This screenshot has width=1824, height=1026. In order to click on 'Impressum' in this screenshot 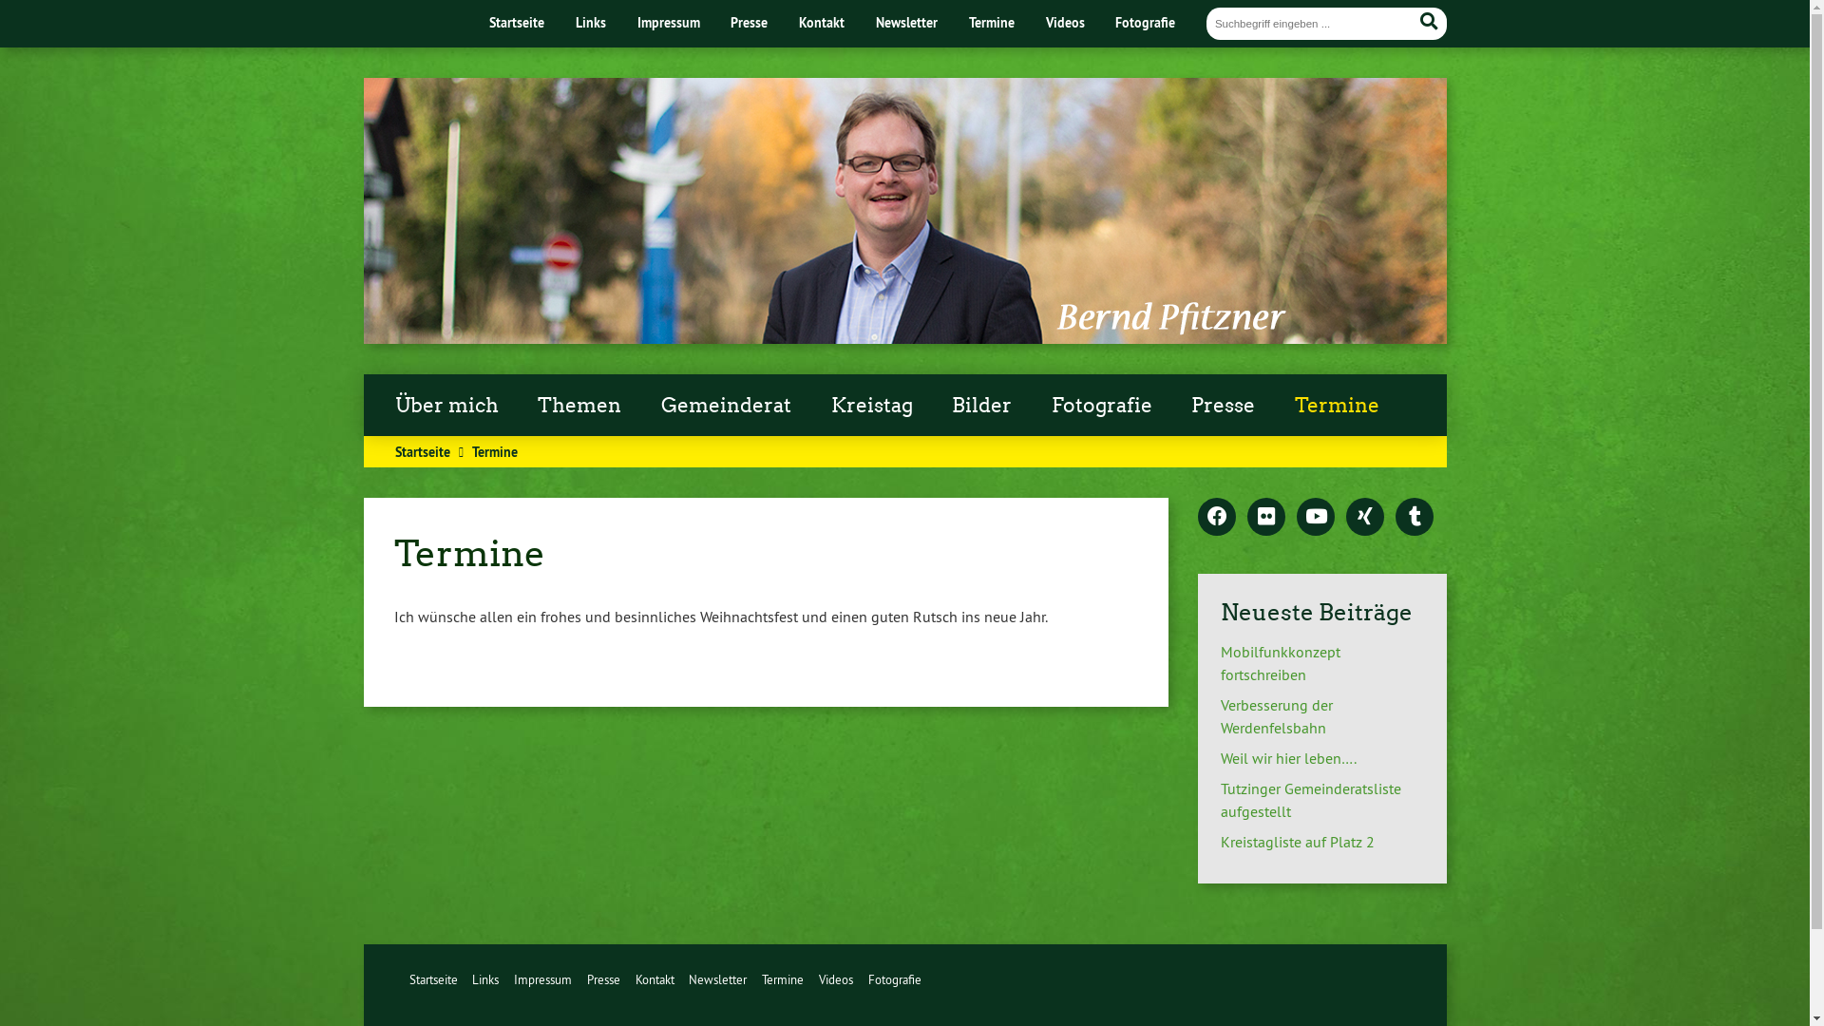, I will do `click(514, 978)`.